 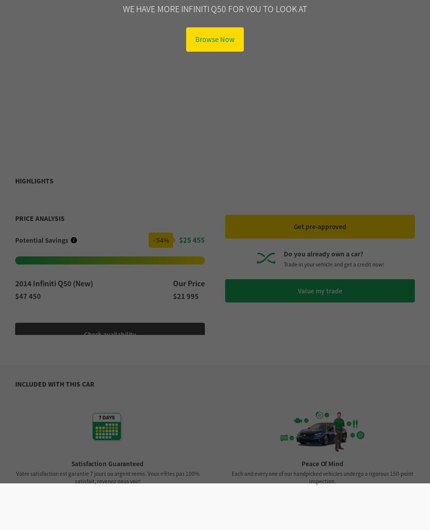 I want to click on 'Transmission', so click(x=48, y=459).